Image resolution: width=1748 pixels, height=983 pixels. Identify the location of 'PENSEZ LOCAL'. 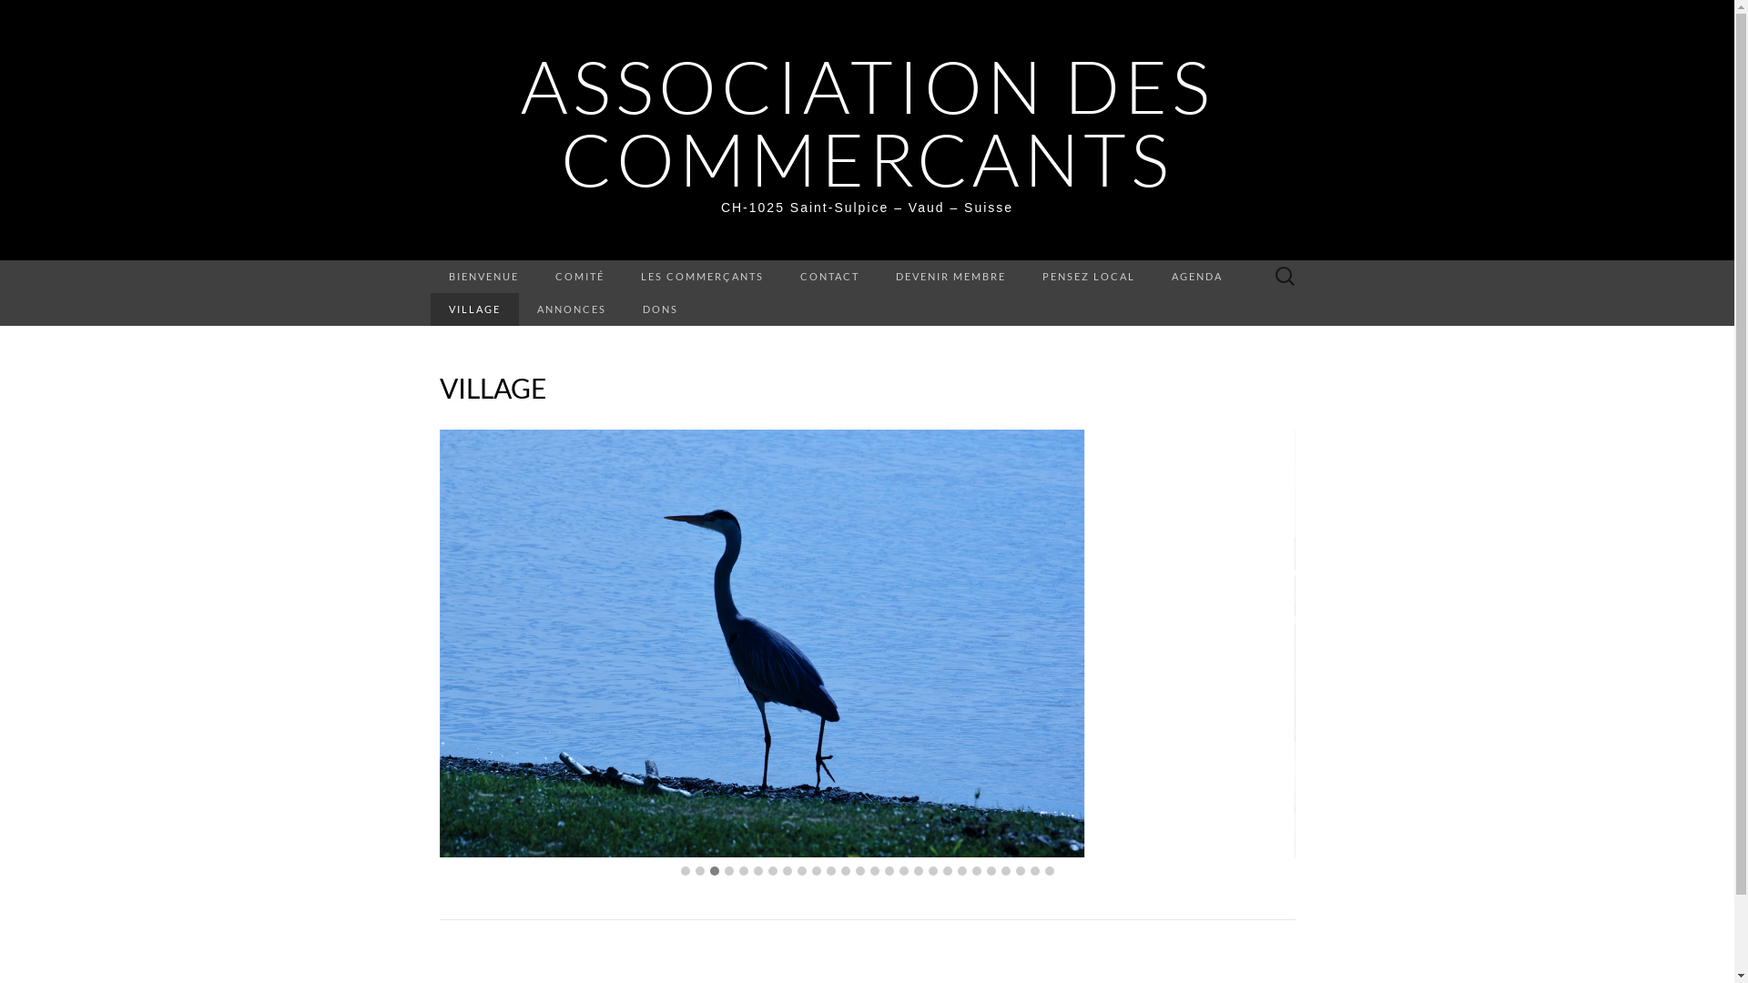
(1088, 277).